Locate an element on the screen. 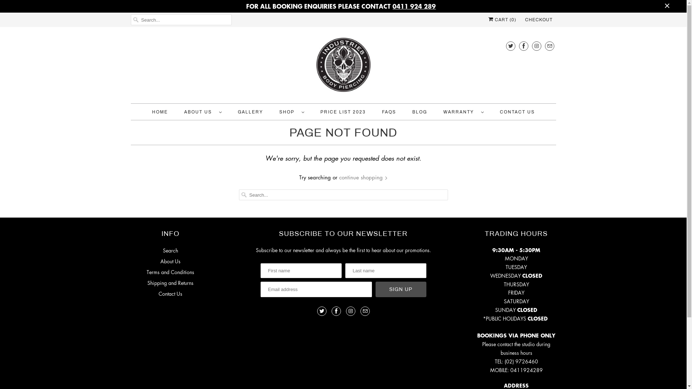 The height and width of the screenshot is (389, 692). 'INDUSTRIE8 BODY PIERCING' is located at coordinates (342, 67).